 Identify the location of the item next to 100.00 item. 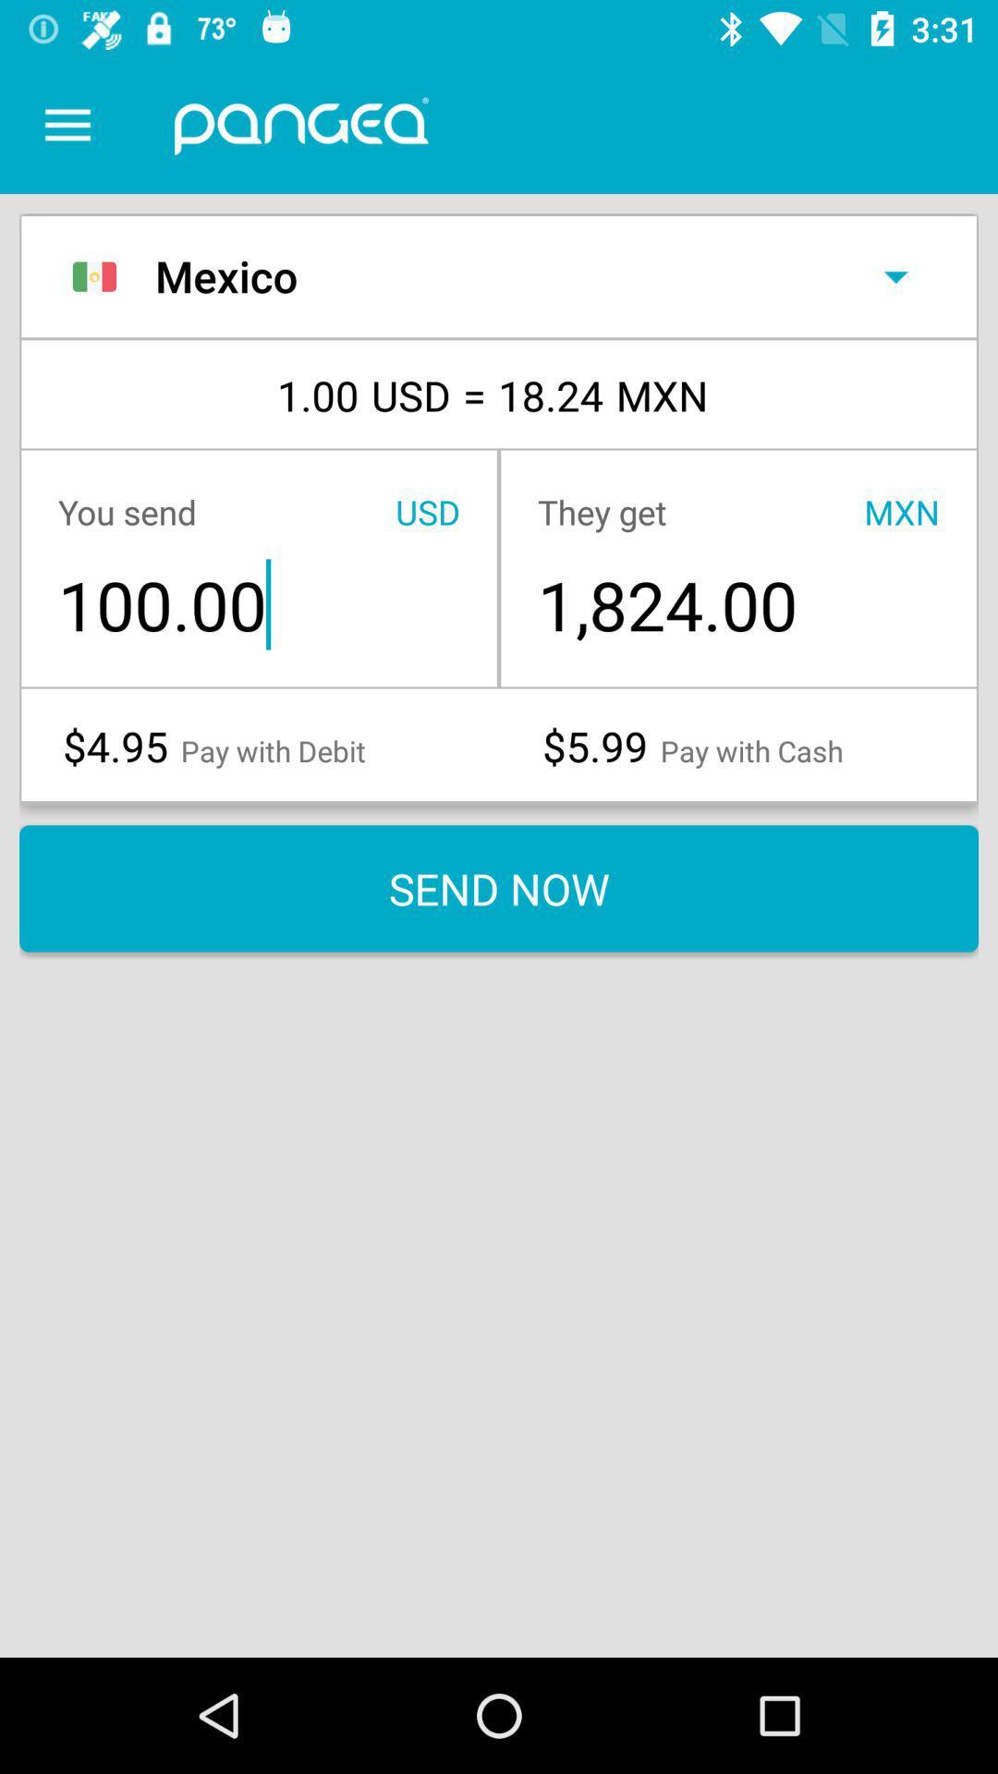
(737, 604).